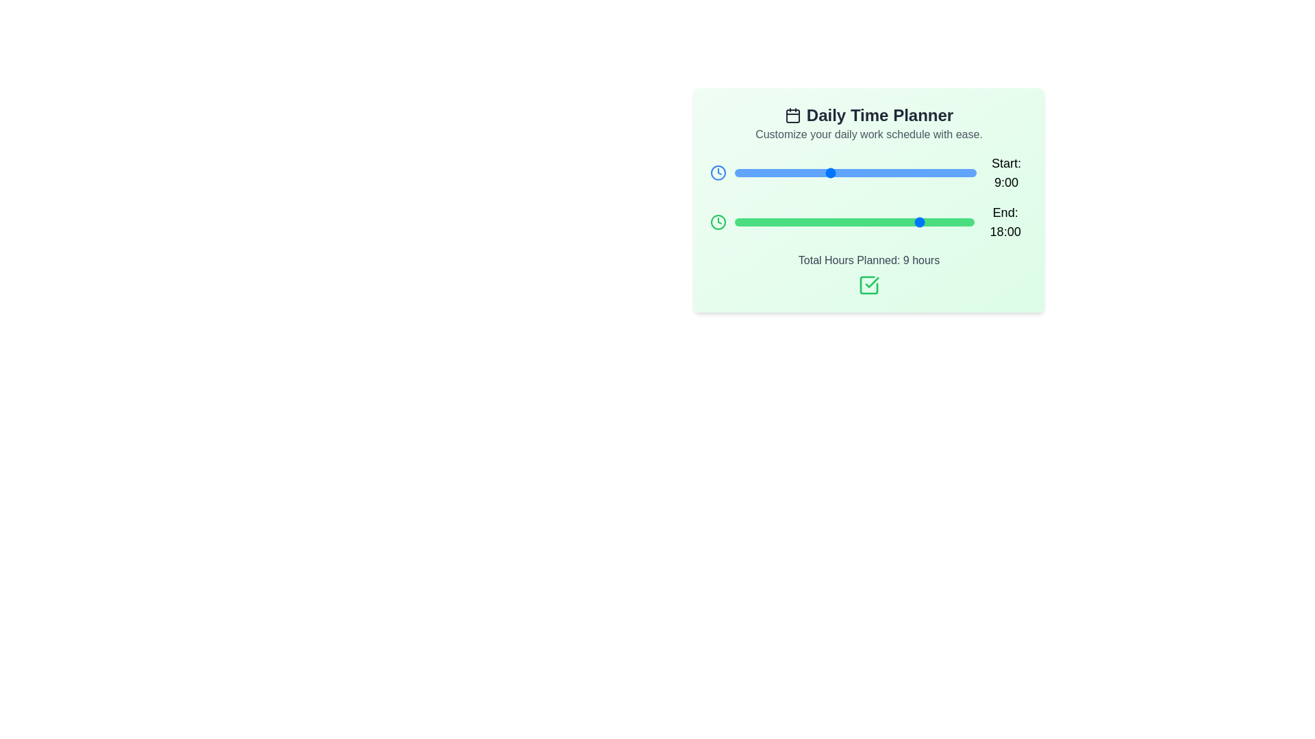 Image resolution: width=1315 pixels, height=739 pixels. I want to click on the 'Start' slider to set the start time to 13, so click(871, 172).